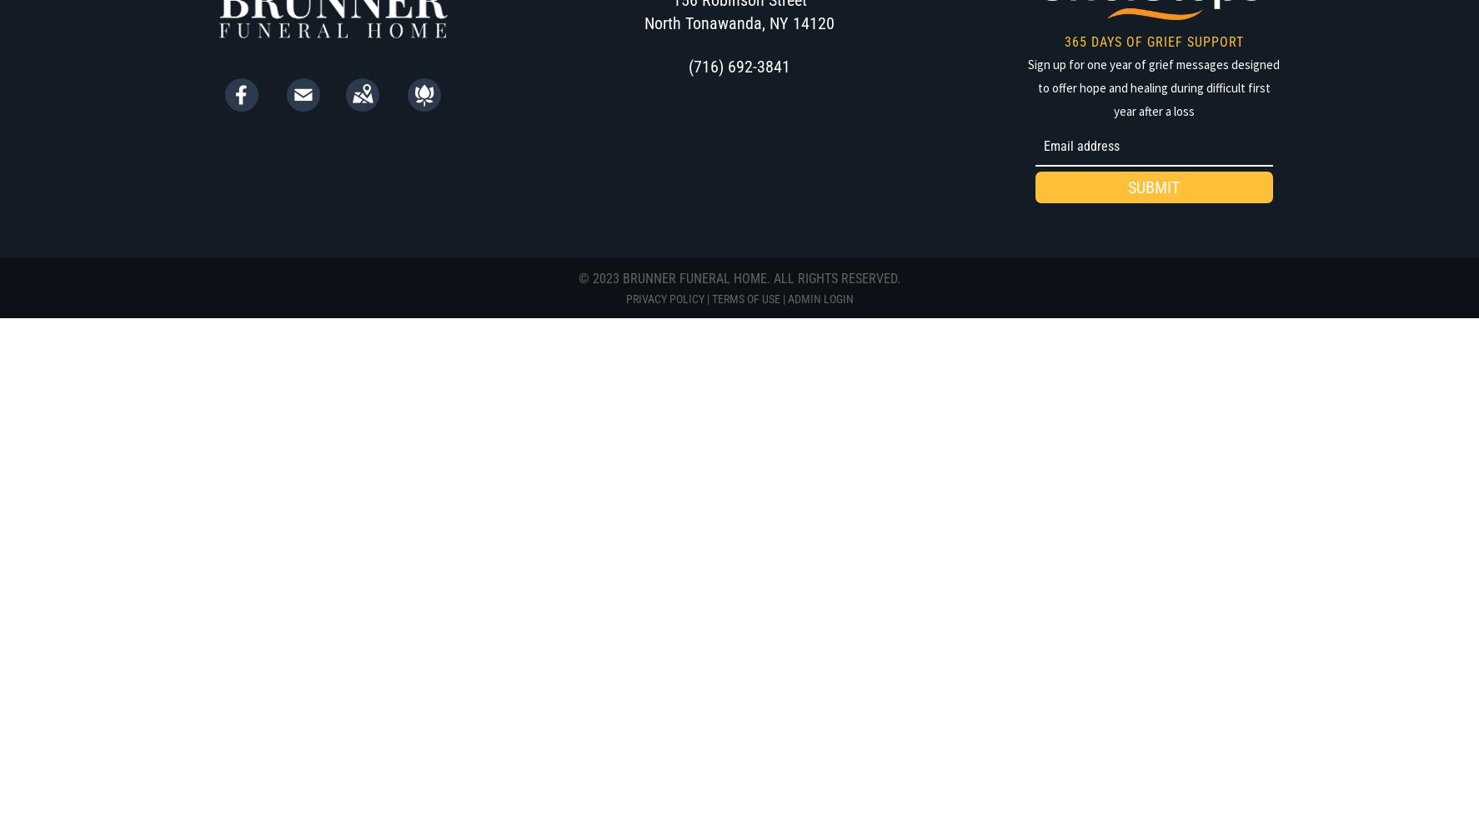  Describe the element at coordinates (1153, 41) in the screenshot. I see `'365 DAYS OF GRIEF SUPPORT'` at that location.